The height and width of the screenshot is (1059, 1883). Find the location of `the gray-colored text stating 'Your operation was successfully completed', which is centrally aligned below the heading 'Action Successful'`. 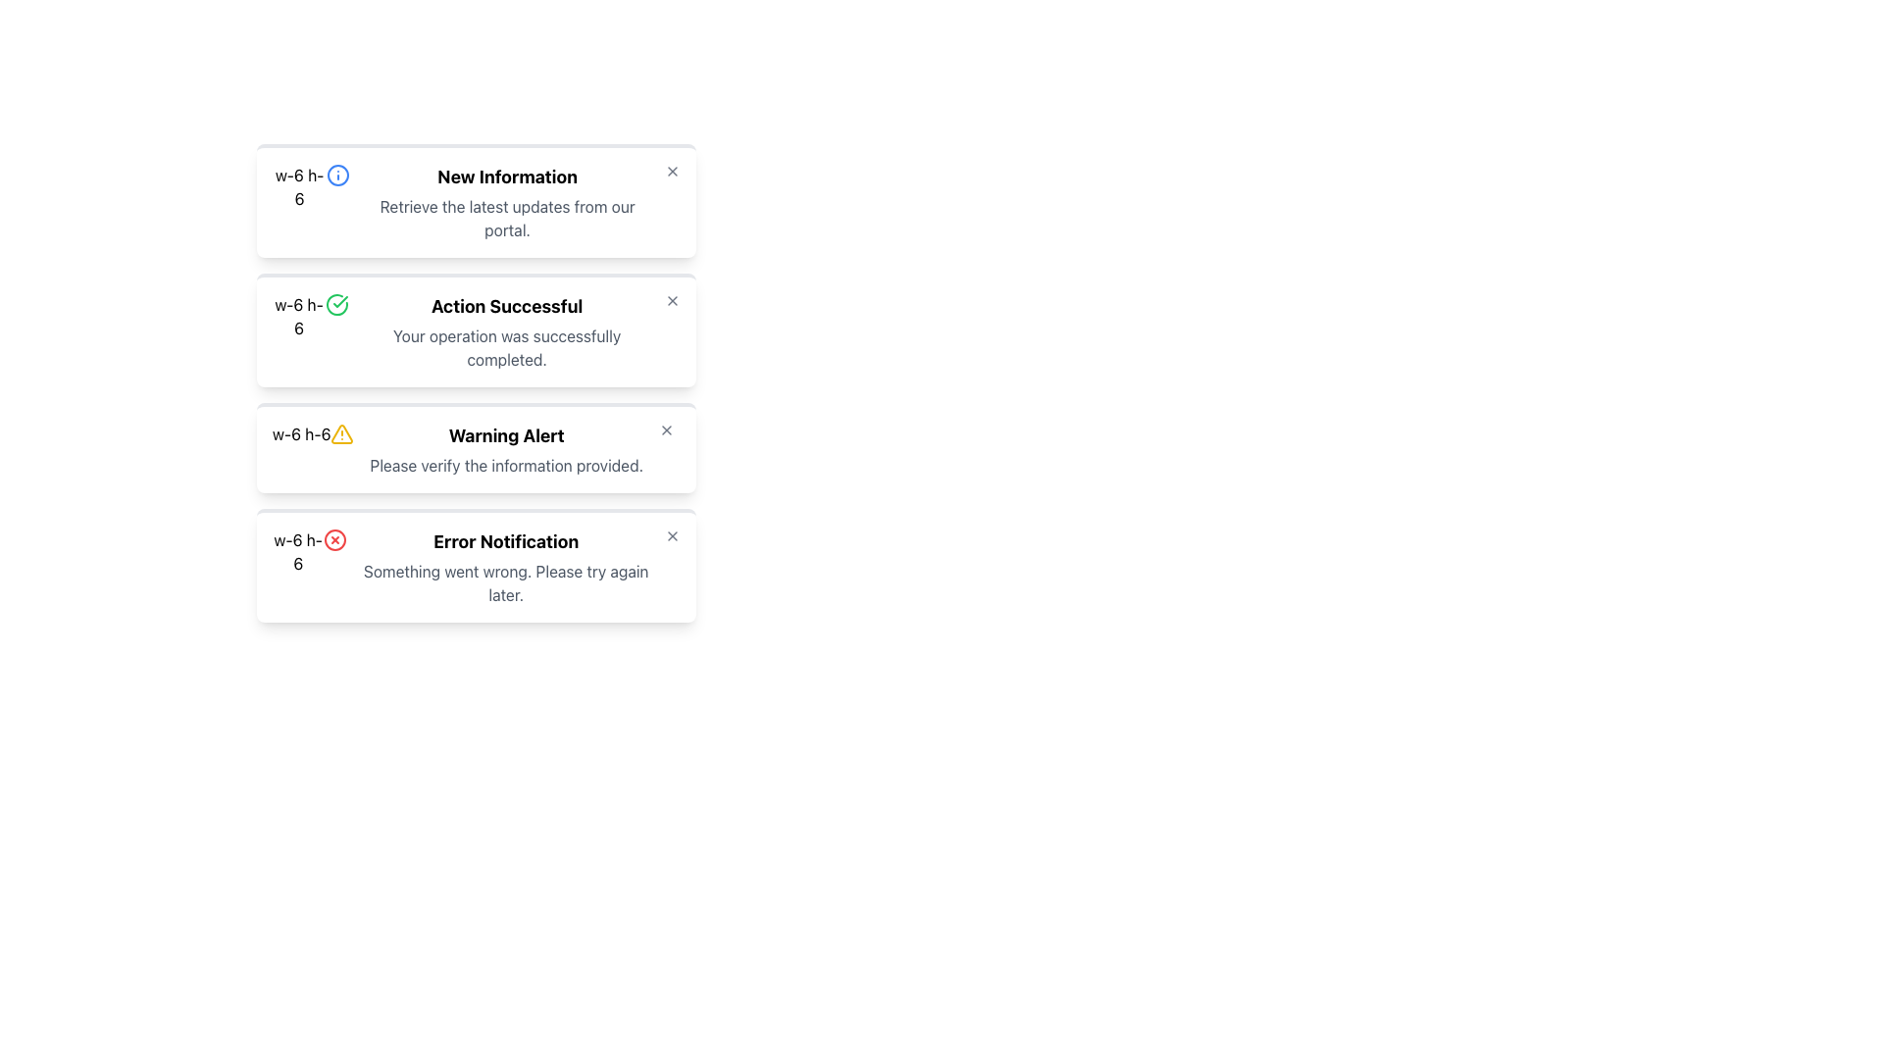

the gray-colored text stating 'Your operation was successfully completed', which is centrally aligned below the heading 'Action Successful' is located at coordinates (507, 346).